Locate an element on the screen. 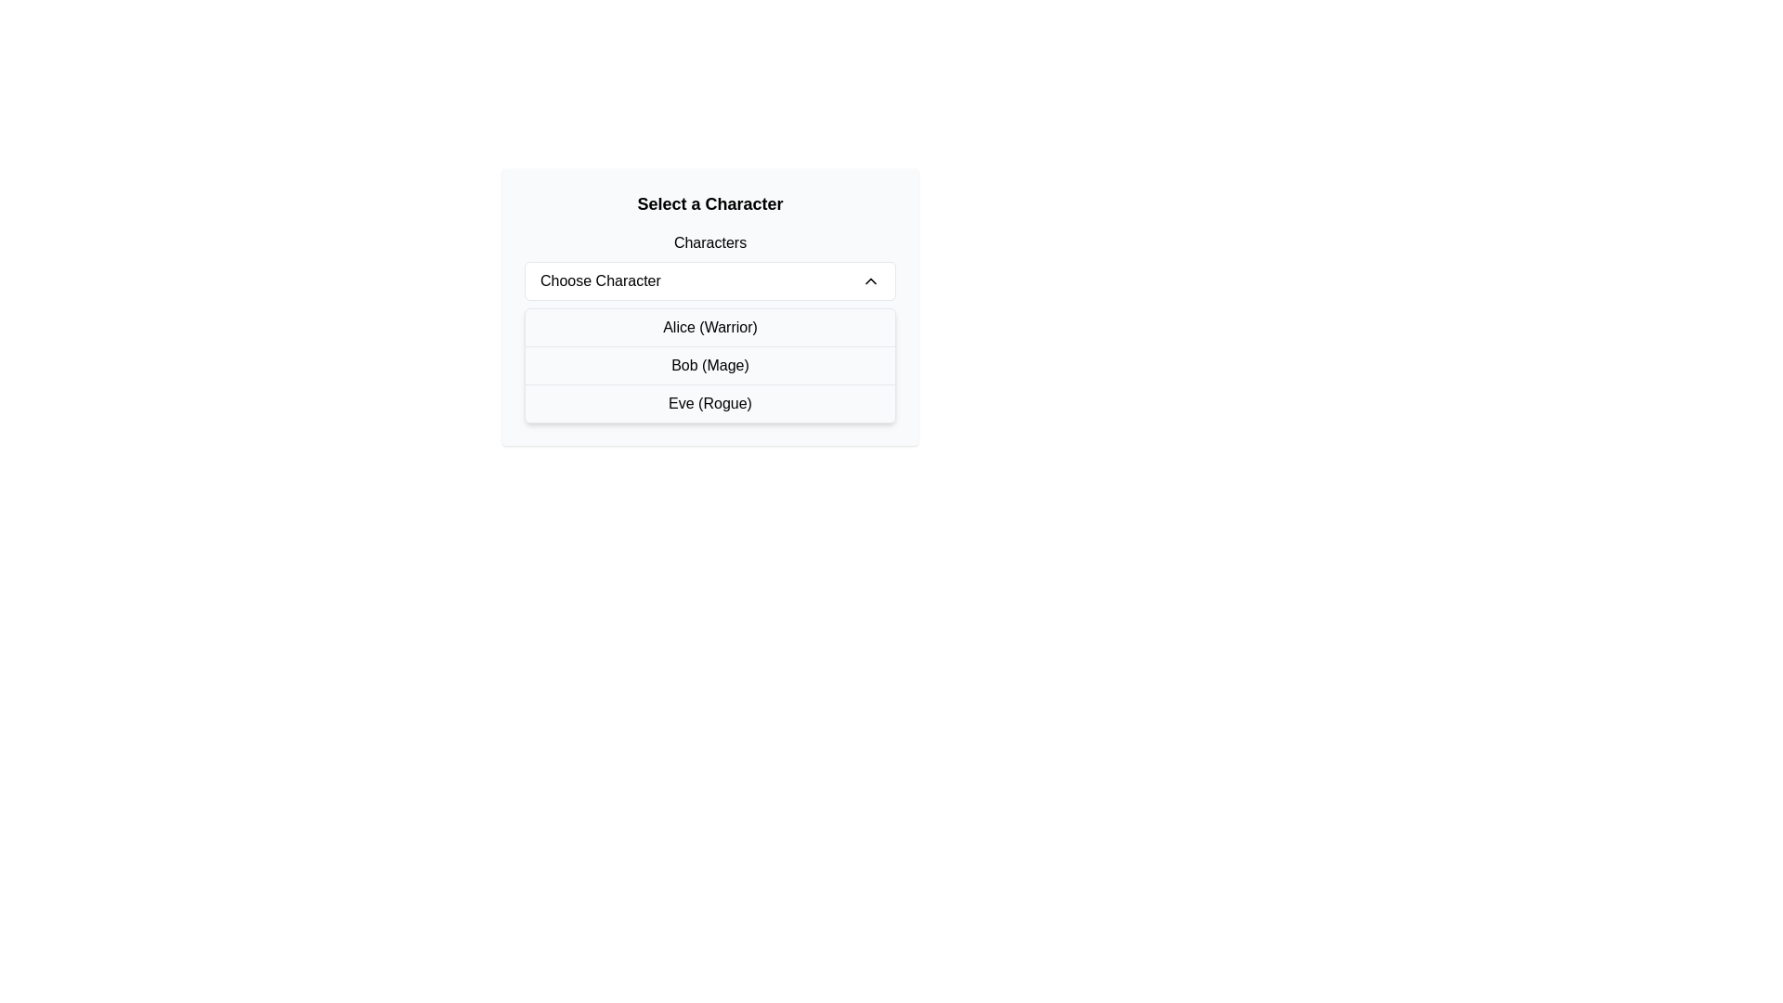  the selectable character name 'Alice (Warrior)' in the dropdown list is located at coordinates (709, 327).